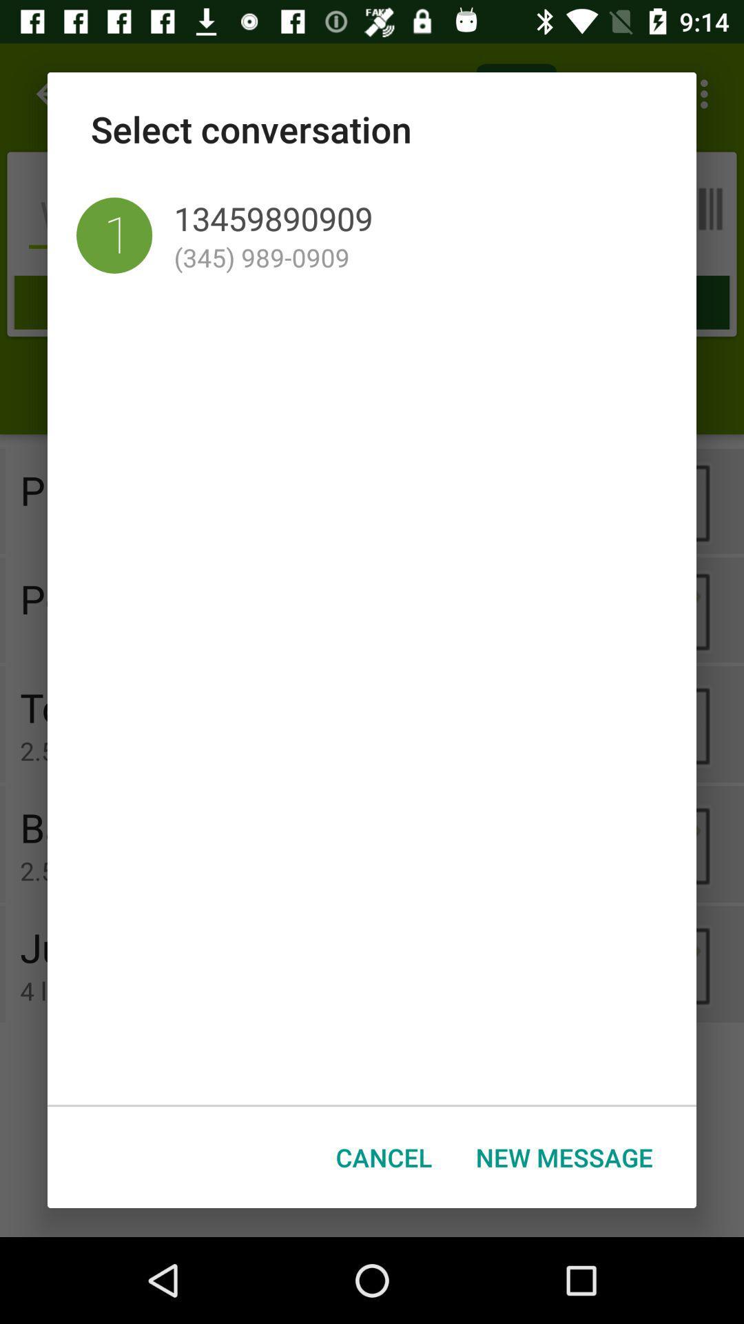  What do you see at coordinates (384, 1157) in the screenshot?
I see `button next to new message item` at bounding box center [384, 1157].